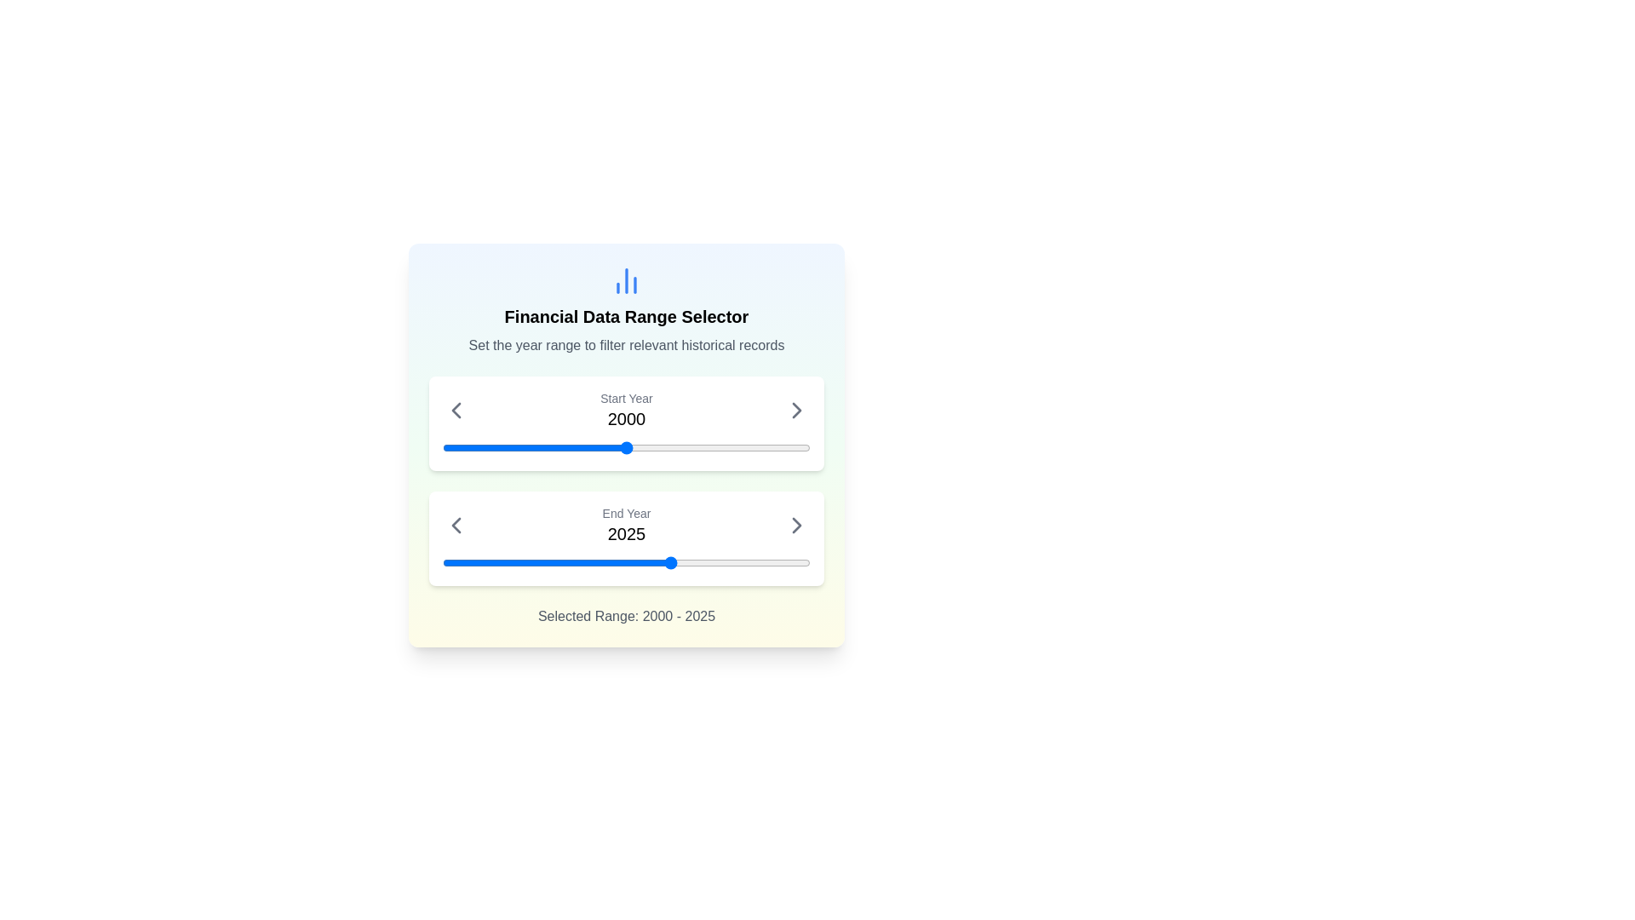  Describe the element at coordinates (456, 525) in the screenshot. I see `the leftmost arrow icon in the 'End Year' section` at that location.